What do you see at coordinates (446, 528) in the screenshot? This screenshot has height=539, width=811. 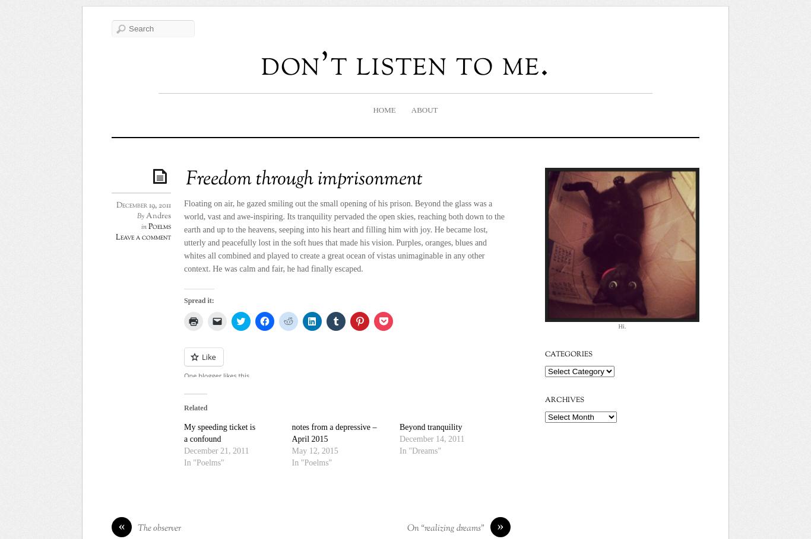 I see `'On “realizing dreams”'` at bounding box center [446, 528].